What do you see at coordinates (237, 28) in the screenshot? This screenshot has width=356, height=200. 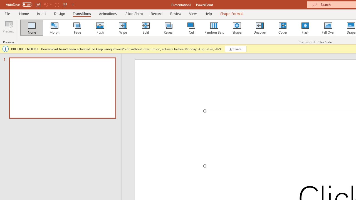 I see `'Shape'` at bounding box center [237, 28].